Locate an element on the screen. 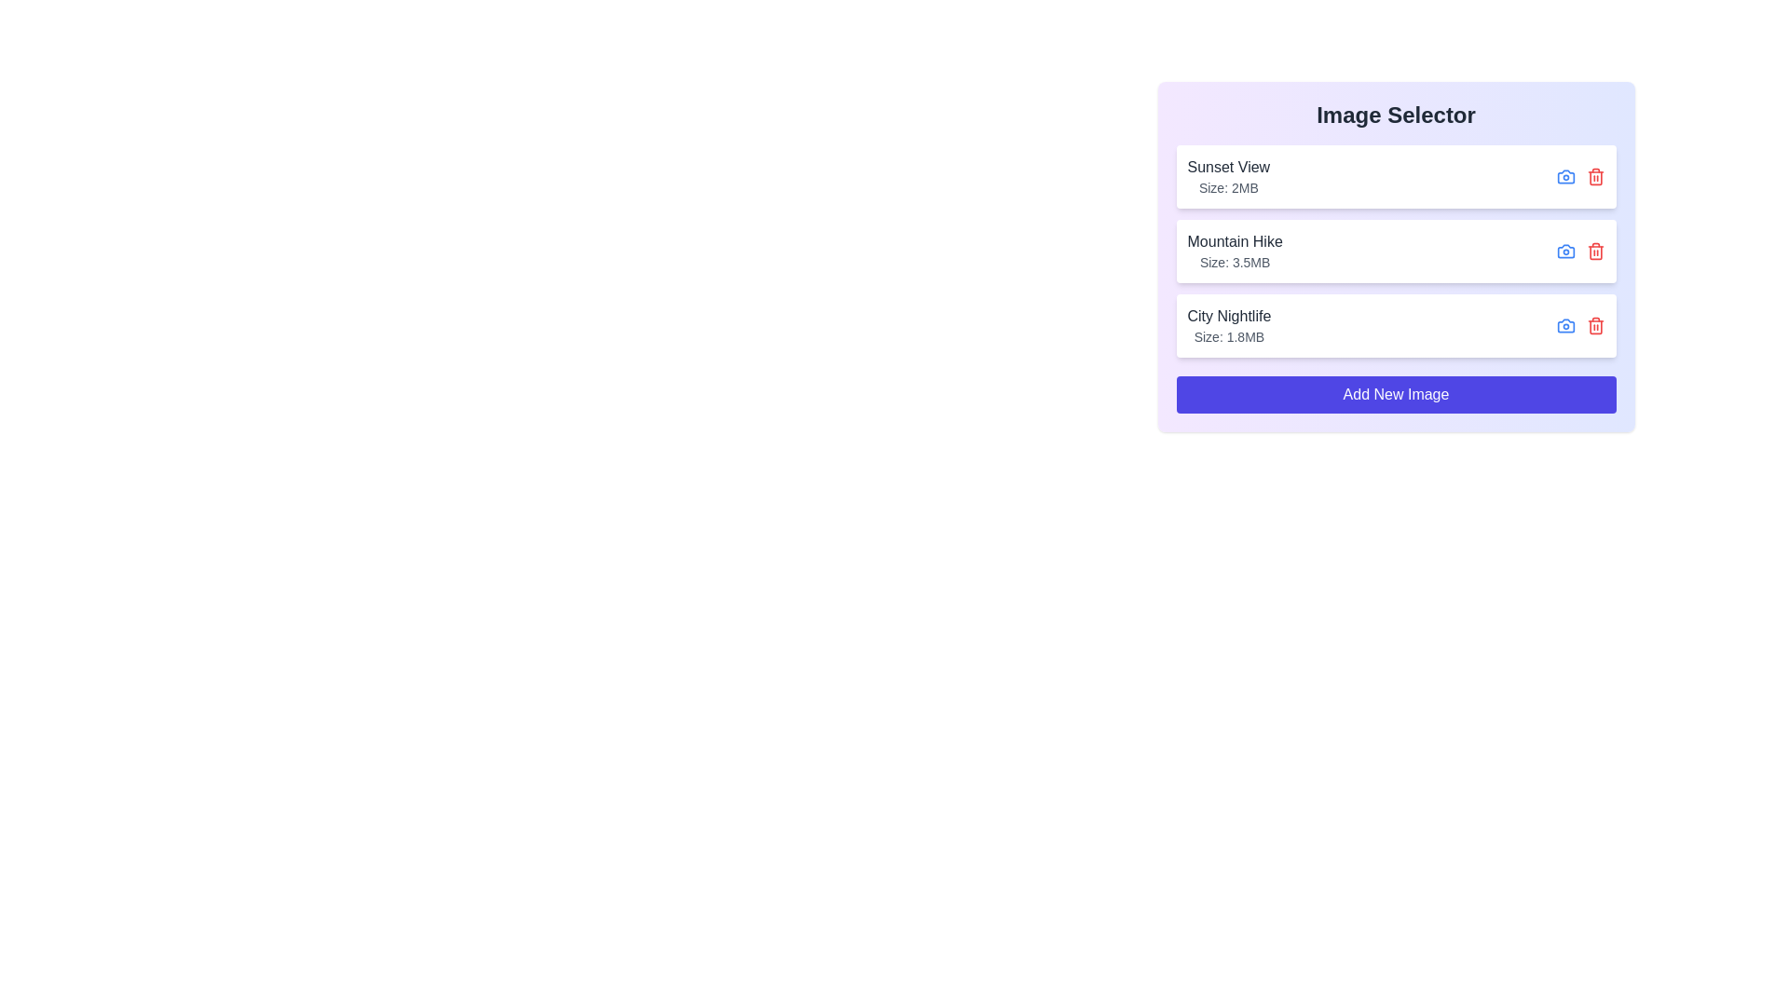 Image resolution: width=1789 pixels, height=1006 pixels. the trash icon to delete the image corresponding to Mountain Hike is located at coordinates (1594, 251).